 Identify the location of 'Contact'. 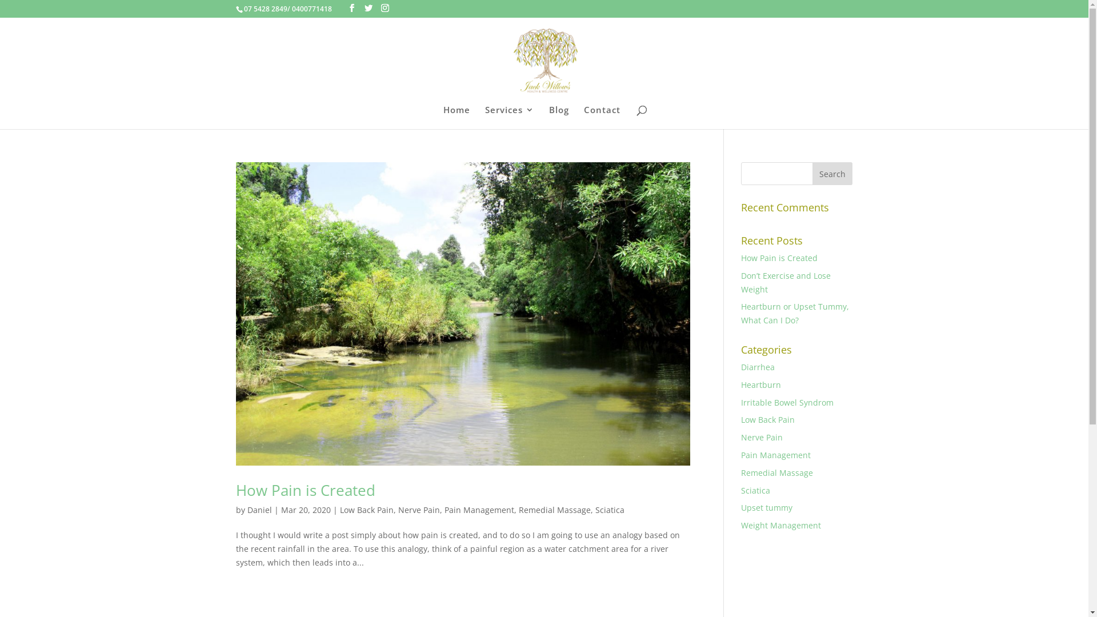
(602, 117).